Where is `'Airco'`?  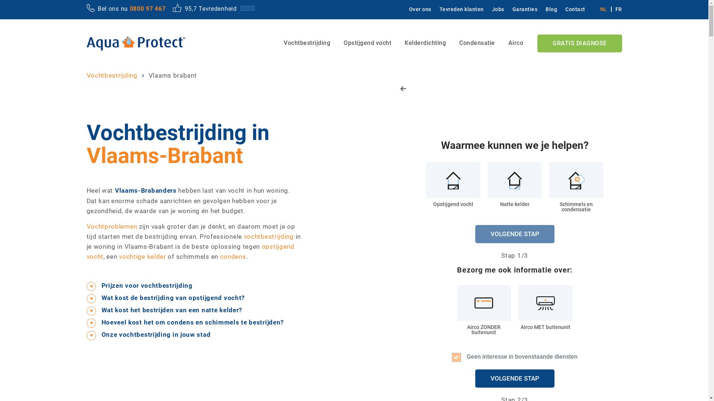
'Airco' is located at coordinates (501, 43).